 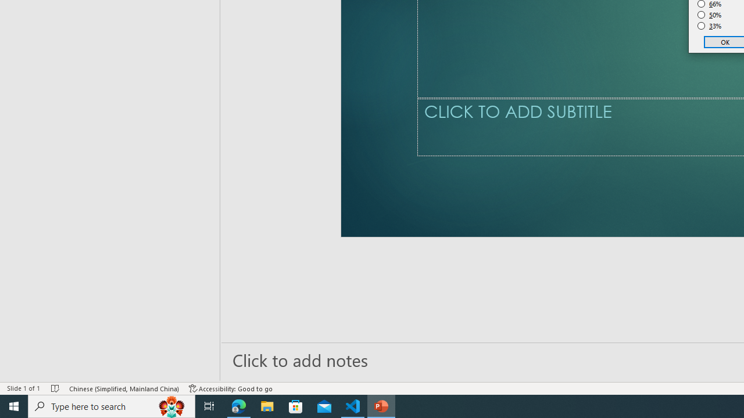 I want to click on 'Accessibility Checker Accessibility: Good to go', so click(x=231, y=388).